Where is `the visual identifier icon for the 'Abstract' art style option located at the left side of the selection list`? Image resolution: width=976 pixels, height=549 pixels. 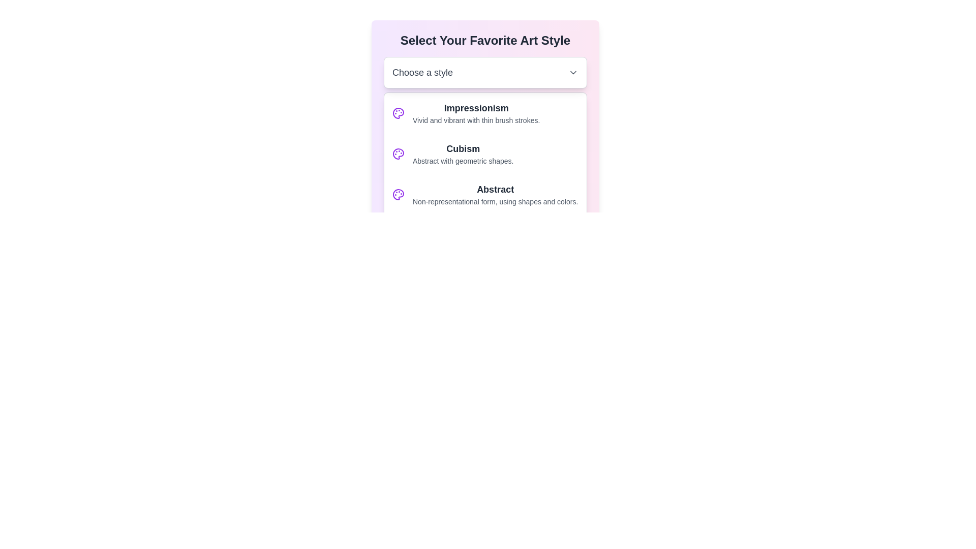
the visual identifier icon for the 'Abstract' art style option located at the left side of the selection list is located at coordinates (398, 194).